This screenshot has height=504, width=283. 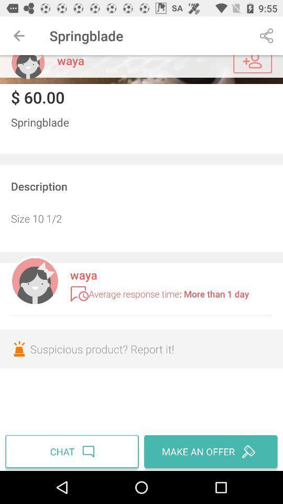 I want to click on the item next to the make an offer, so click(x=73, y=451).